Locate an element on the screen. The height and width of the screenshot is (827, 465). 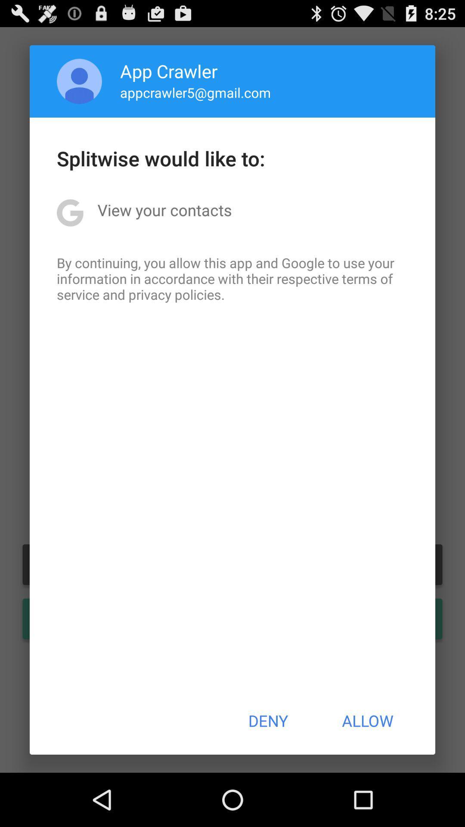
deny is located at coordinates (267, 721).